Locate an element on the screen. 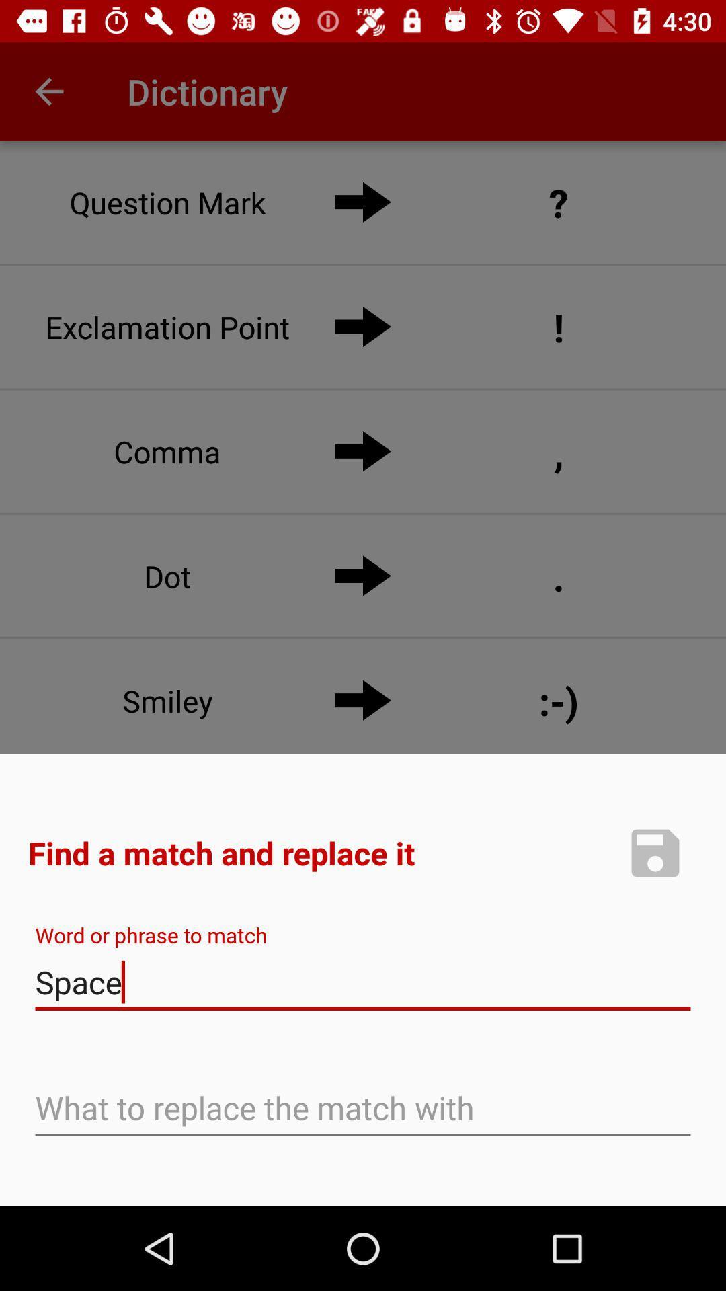 The height and width of the screenshot is (1291, 726). the save icon is located at coordinates (655, 852).